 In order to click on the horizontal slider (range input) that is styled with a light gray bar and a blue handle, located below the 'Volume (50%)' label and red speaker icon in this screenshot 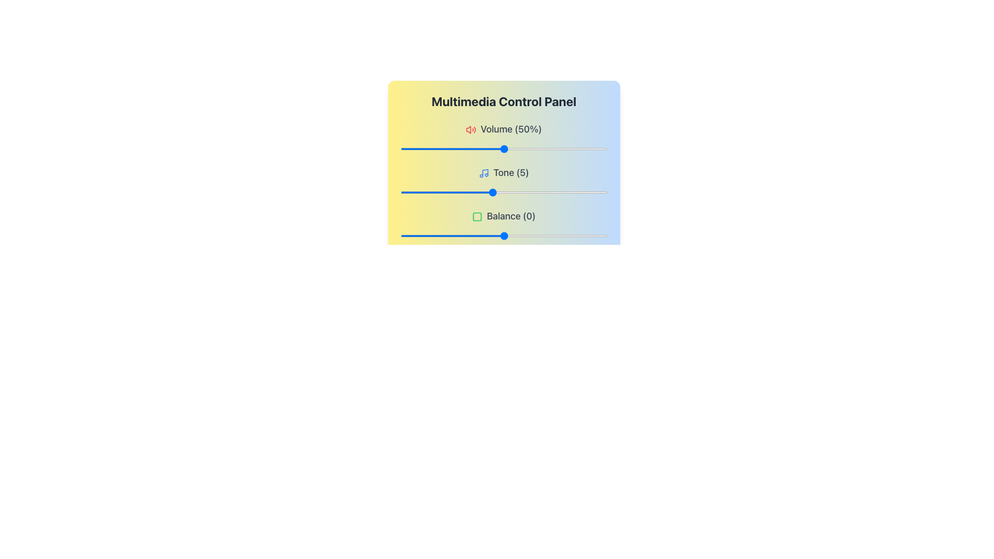, I will do `click(504, 149)`.